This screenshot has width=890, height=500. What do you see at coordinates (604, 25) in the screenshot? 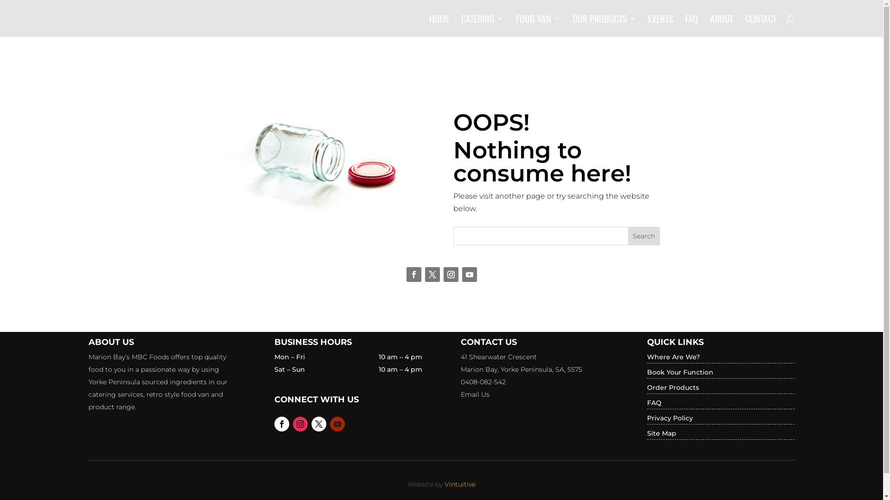
I see `'OUR PRODUCTS'` at bounding box center [604, 25].